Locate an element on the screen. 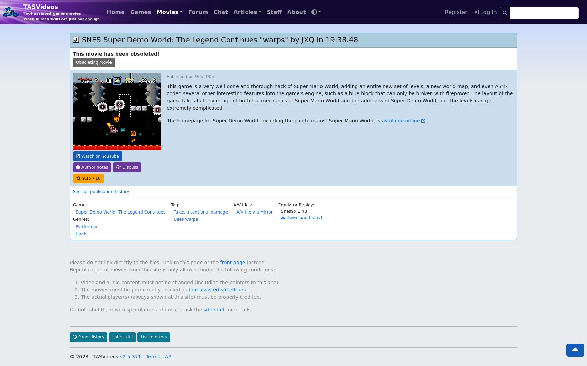 The height and width of the screenshot is (366, 587). '9.15' is located at coordinates (81, 164).